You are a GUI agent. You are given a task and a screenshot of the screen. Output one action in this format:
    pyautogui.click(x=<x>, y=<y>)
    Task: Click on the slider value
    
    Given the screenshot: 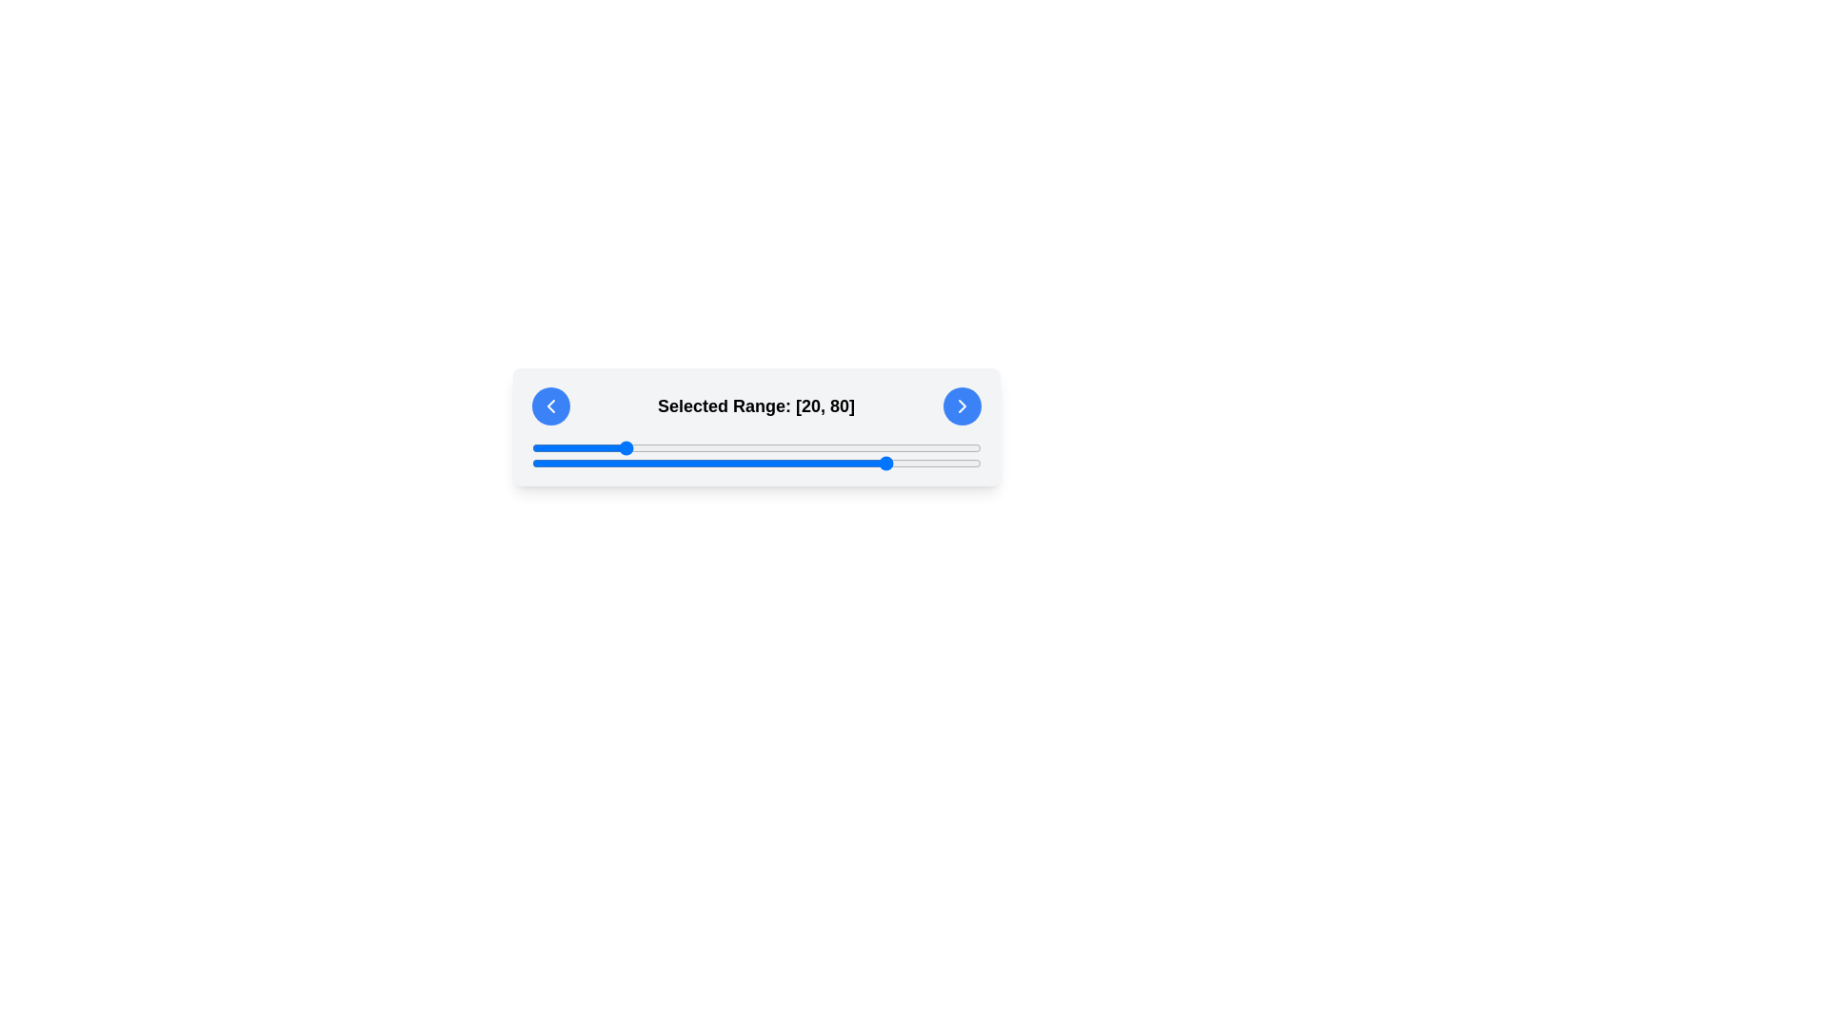 What is the action you would take?
    pyautogui.click(x=732, y=447)
    